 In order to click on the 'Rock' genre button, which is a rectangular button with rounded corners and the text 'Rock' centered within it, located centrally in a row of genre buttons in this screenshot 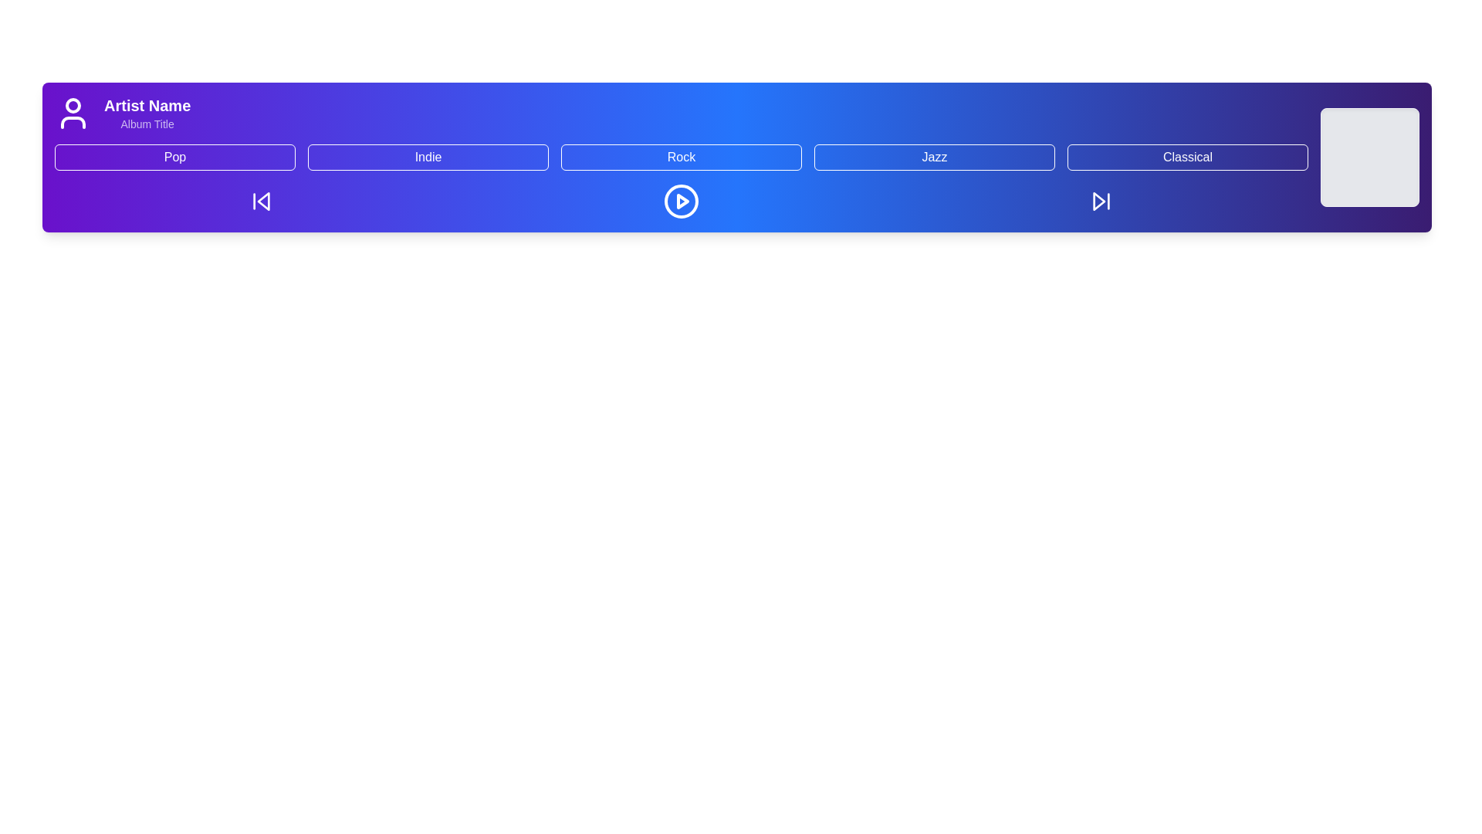, I will do `click(681, 158)`.